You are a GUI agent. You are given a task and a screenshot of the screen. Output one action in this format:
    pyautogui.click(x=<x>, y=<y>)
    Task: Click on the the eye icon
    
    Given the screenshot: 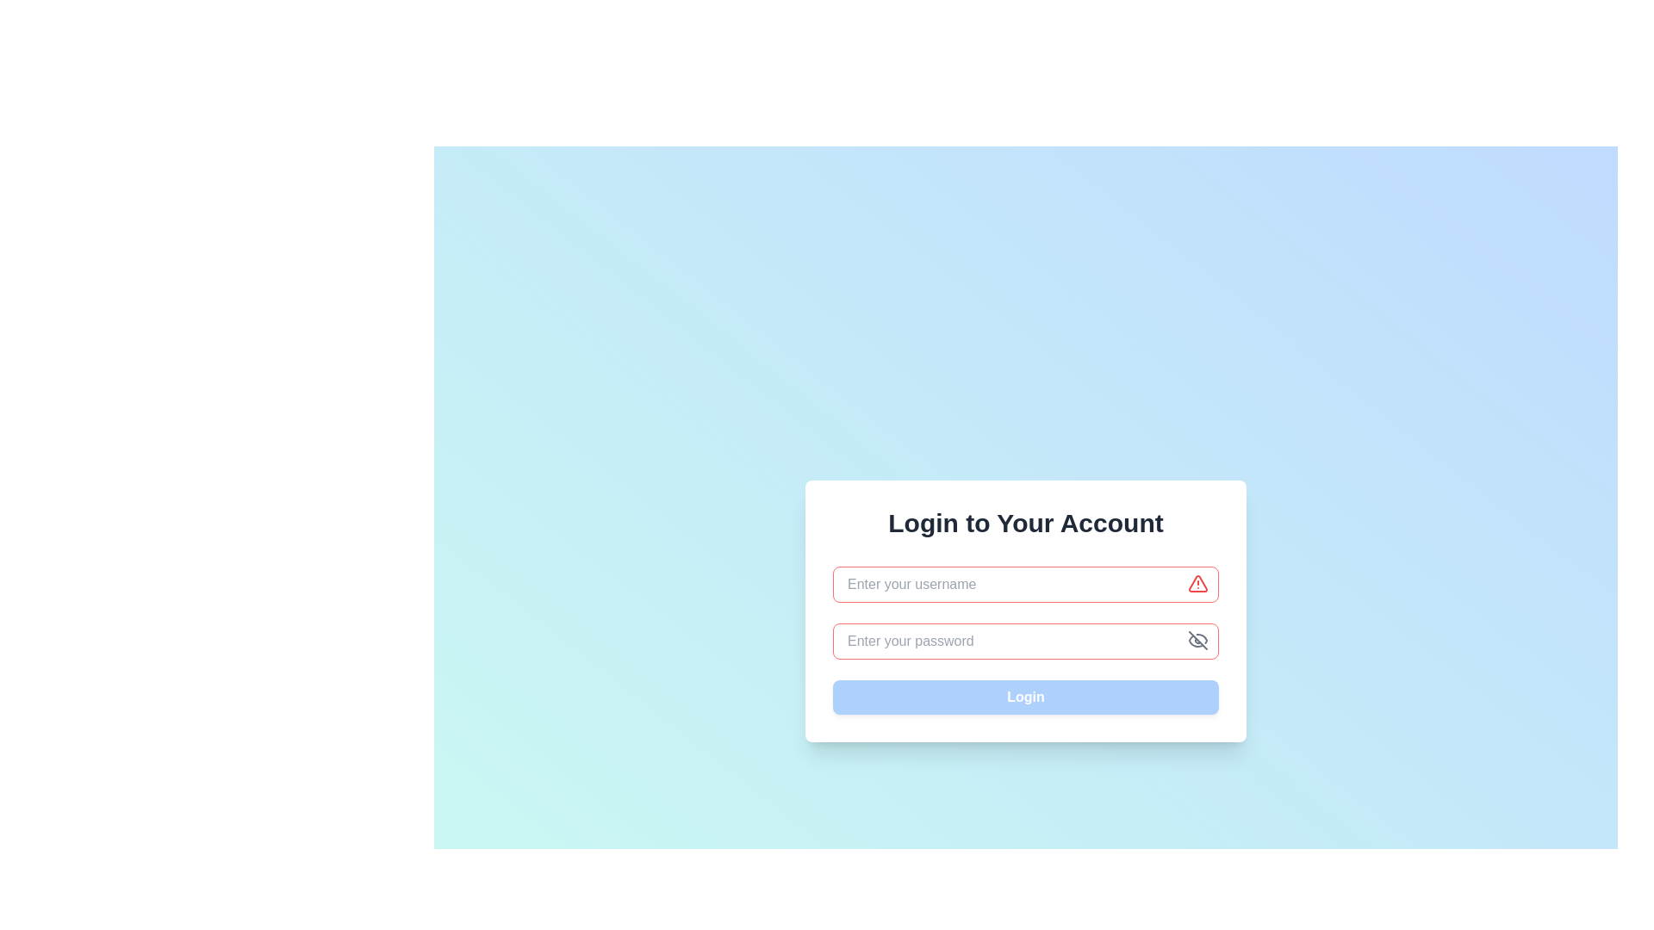 What is the action you would take?
    pyautogui.click(x=1025, y=641)
    